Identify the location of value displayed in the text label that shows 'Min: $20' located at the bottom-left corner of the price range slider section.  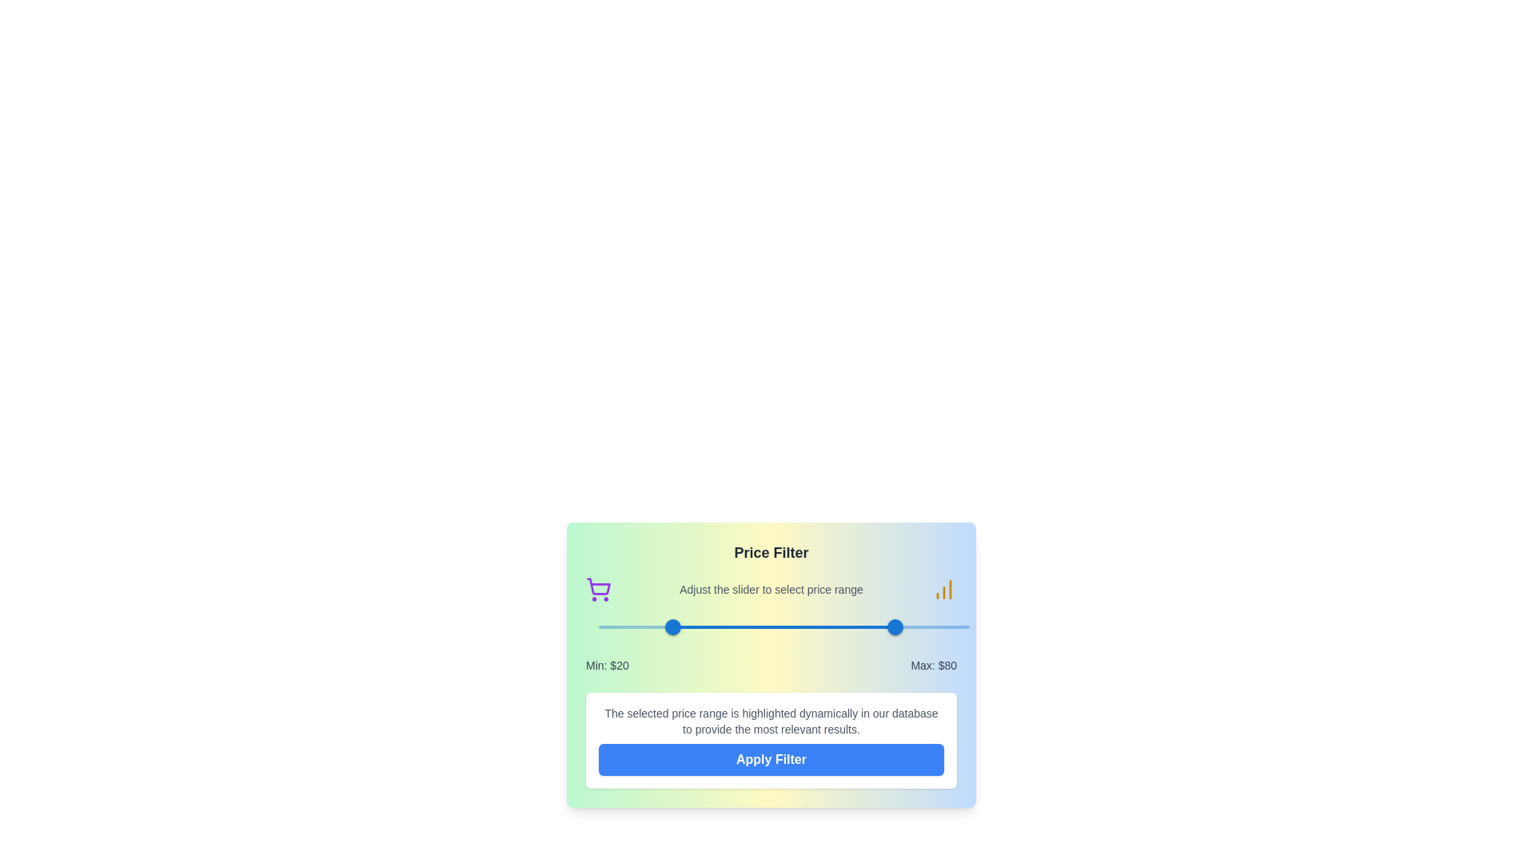
(606, 666).